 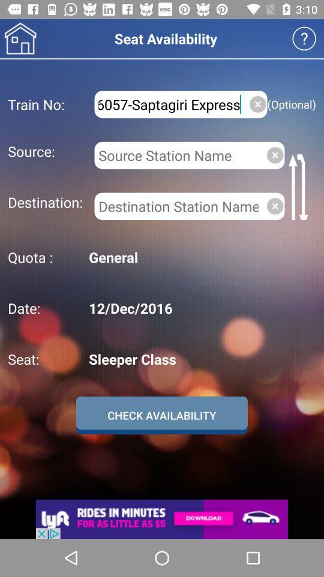 What do you see at coordinates (275, 154) in the screenshot?
I see `clear words` at bounding box center [275, 154].